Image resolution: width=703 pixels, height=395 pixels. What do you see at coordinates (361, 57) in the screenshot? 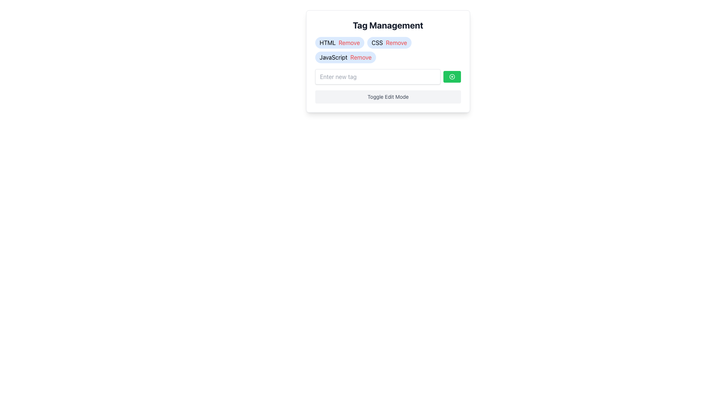
I see `the button that allows users to remove the 'JavaScript' tag, located in the upper right of the rounded tag labeled 'JavaScript' in the 'Tag Management' section` at bounding box center [361, 57].